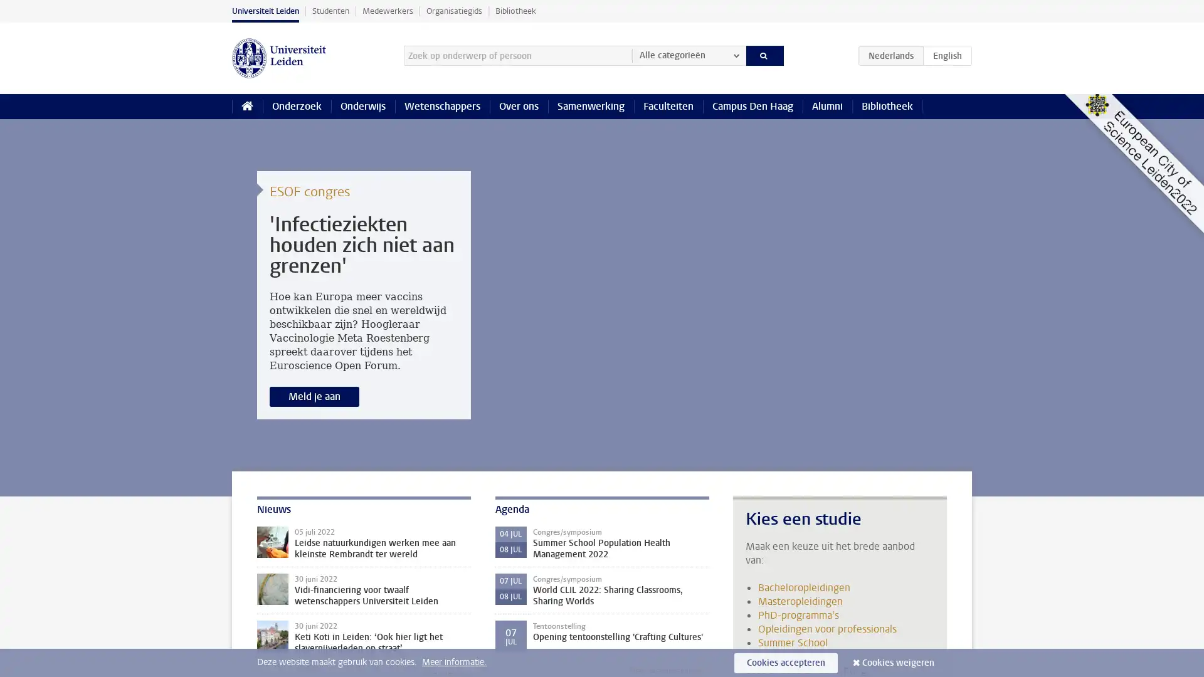  What do you see at coordinates (688, 55) in the screenshot?
I see `Alle categorieen` at bounding box center [688, 55].